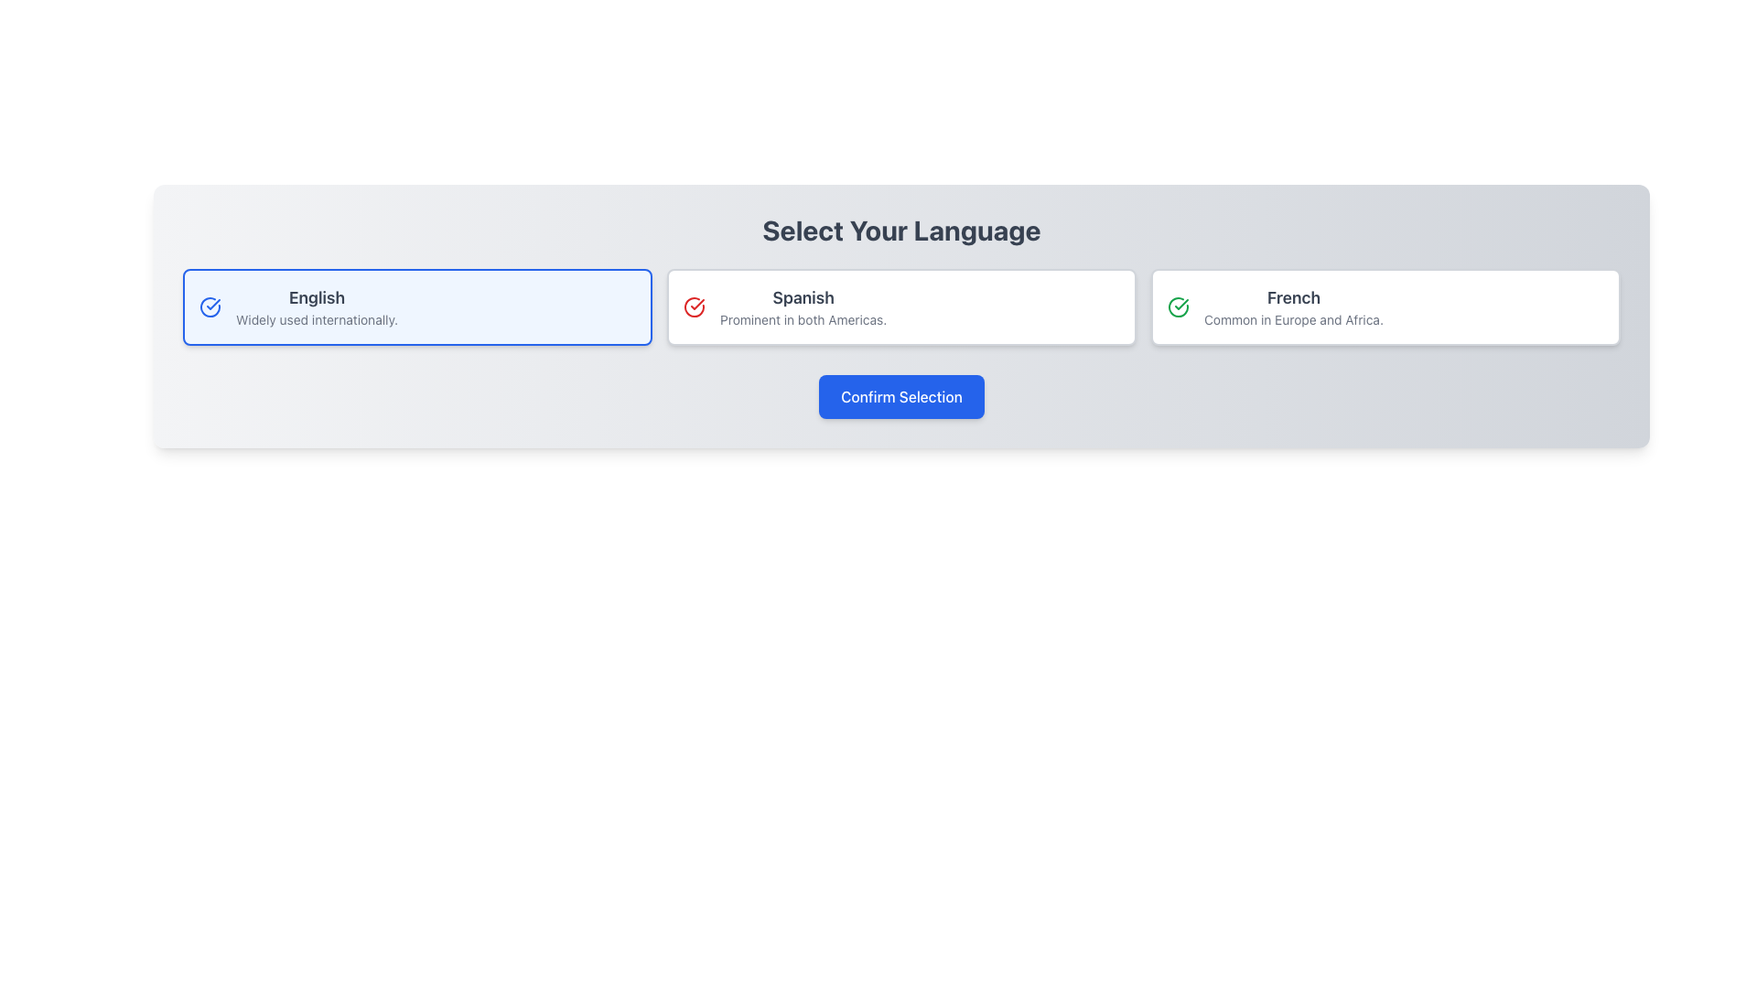 Image resolution: width=1757 pixels, height=988 pixels. Describe the element at coordinates (1293, 319) in the screenshot. I see `the text label providing information about the language 'French', which is located below the title 'French' in the language selection panel` at that location.